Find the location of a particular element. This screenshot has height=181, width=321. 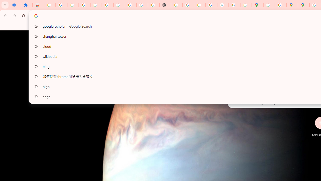

'Google Maps' is located at coordinates (257, 5).